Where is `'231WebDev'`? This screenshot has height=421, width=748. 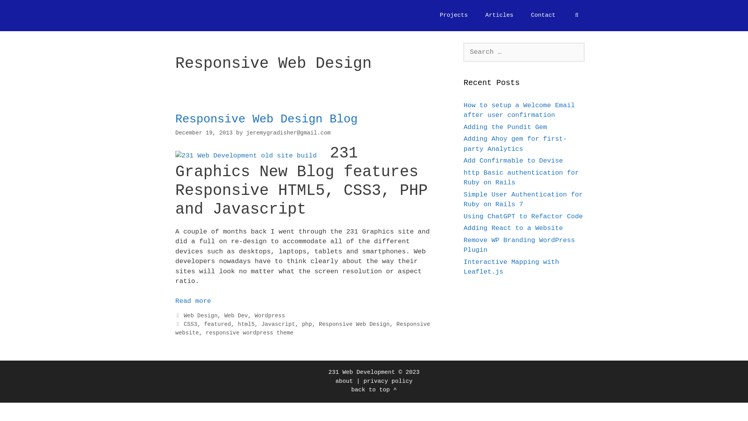 '231WebDev' is located at coordinates (196, 15).